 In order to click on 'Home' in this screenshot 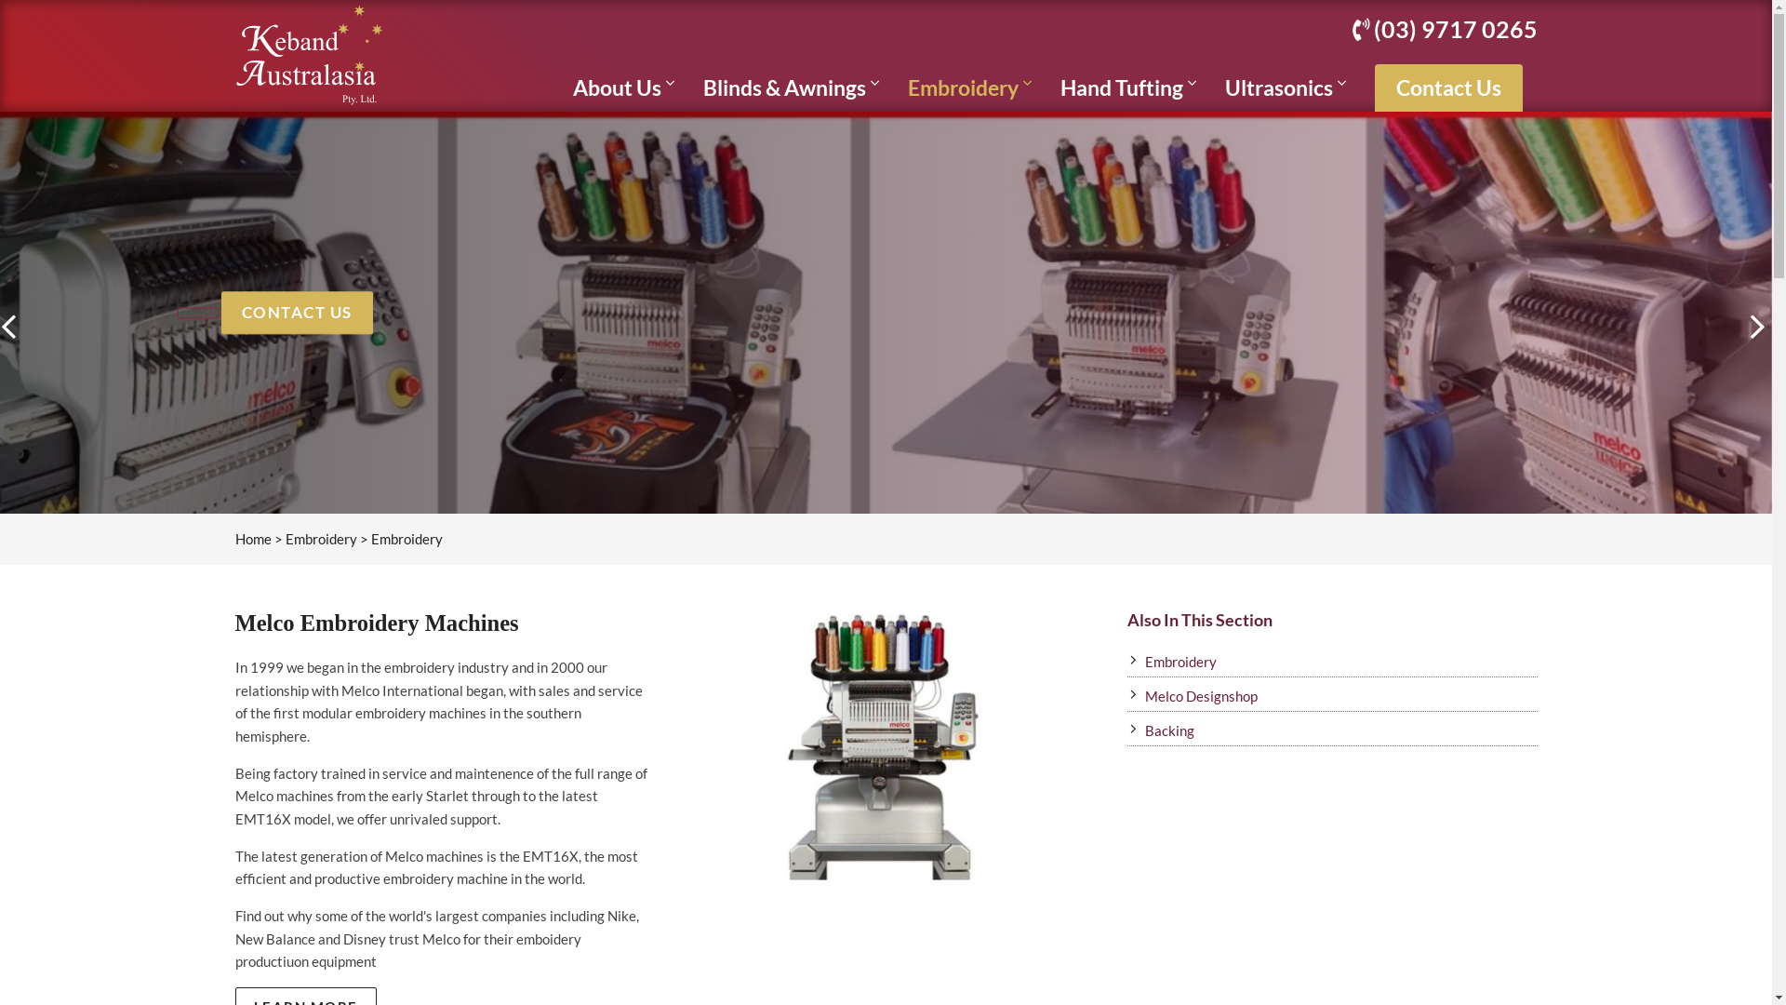, I will do `click(233, 538)`.